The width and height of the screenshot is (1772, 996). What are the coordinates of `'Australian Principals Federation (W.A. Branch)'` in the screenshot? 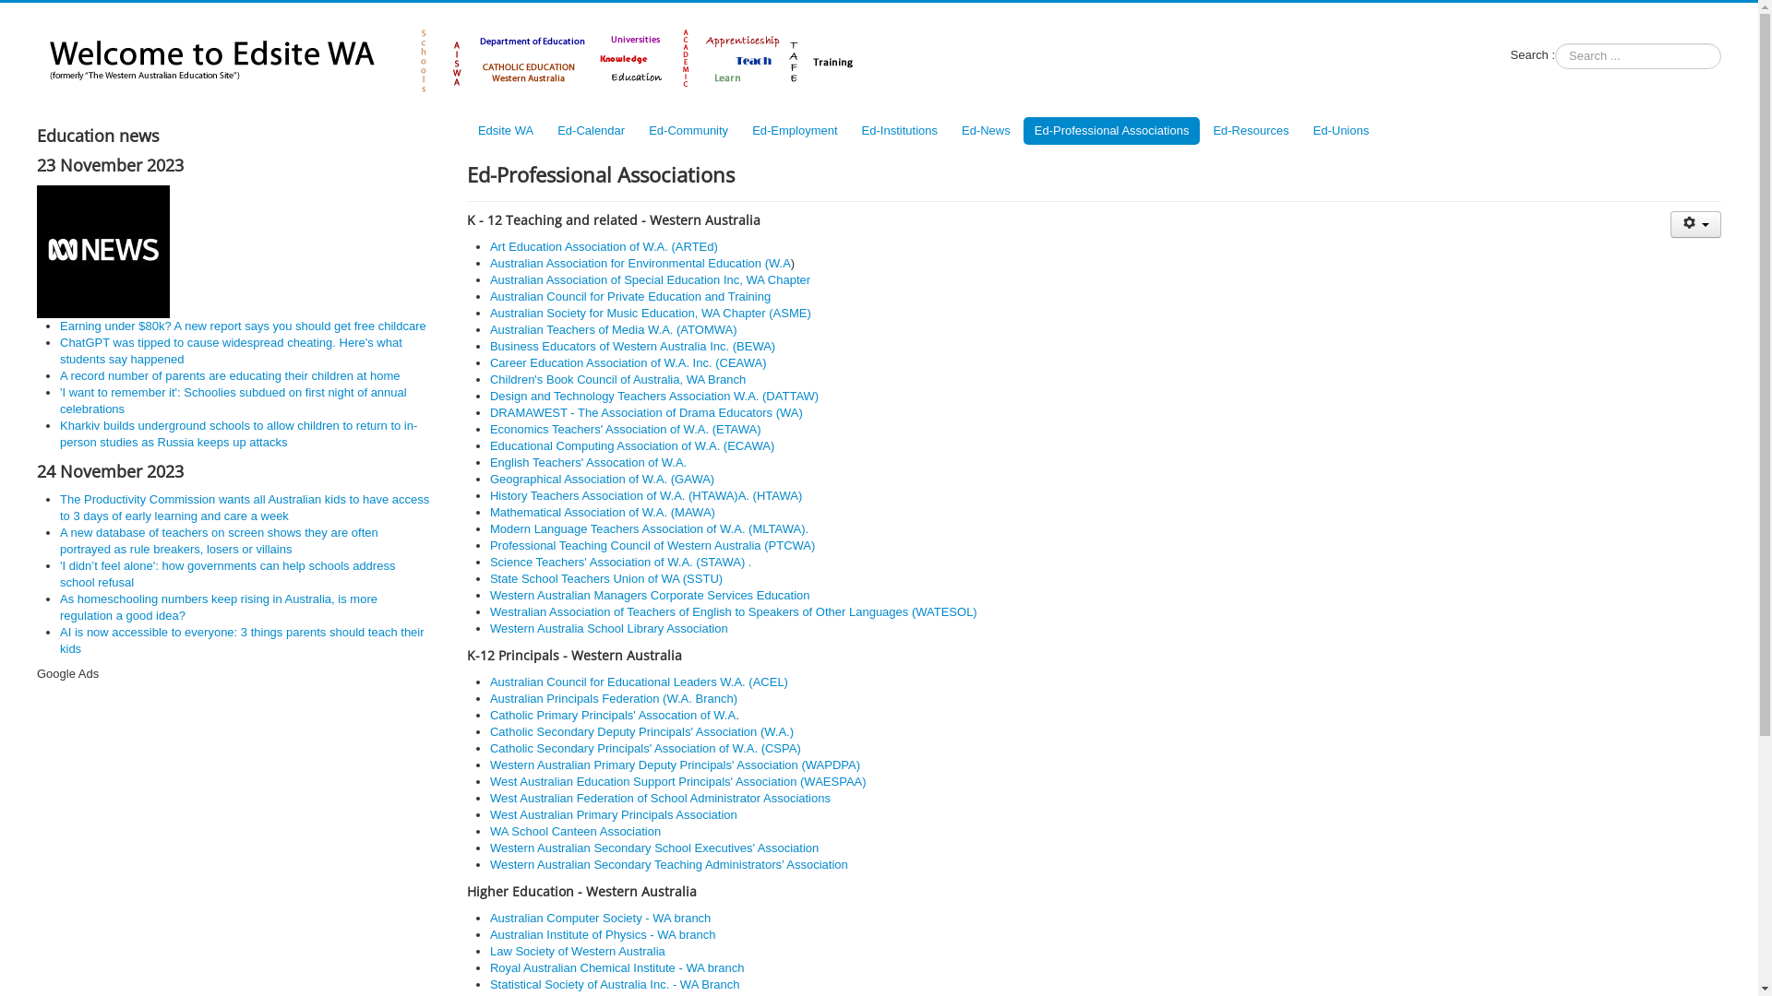 It's located at (614, 698).